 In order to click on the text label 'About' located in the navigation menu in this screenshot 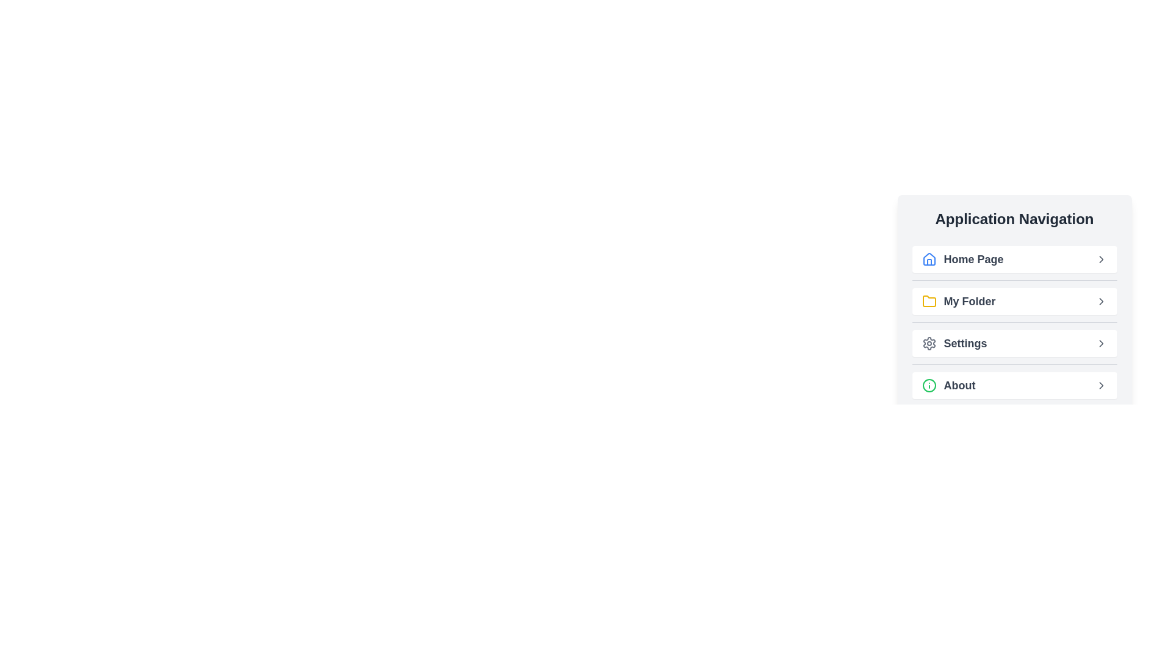, I will do `click(959, 385)`.